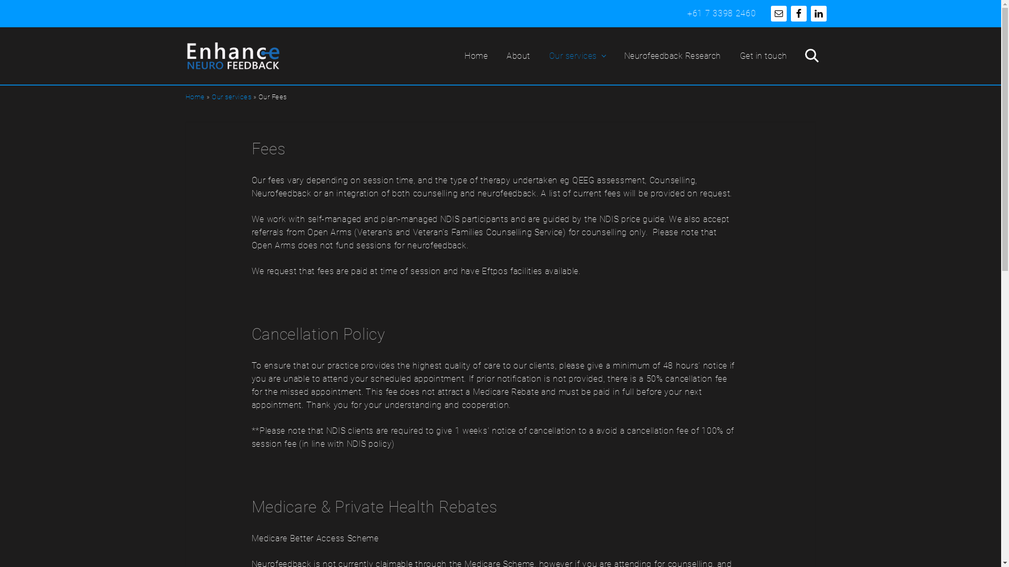 The image size is (1009, 567). Describe the element at coordinates (673, 56) in the screenshot. I see `'Neurofeedback Research'` at that location.